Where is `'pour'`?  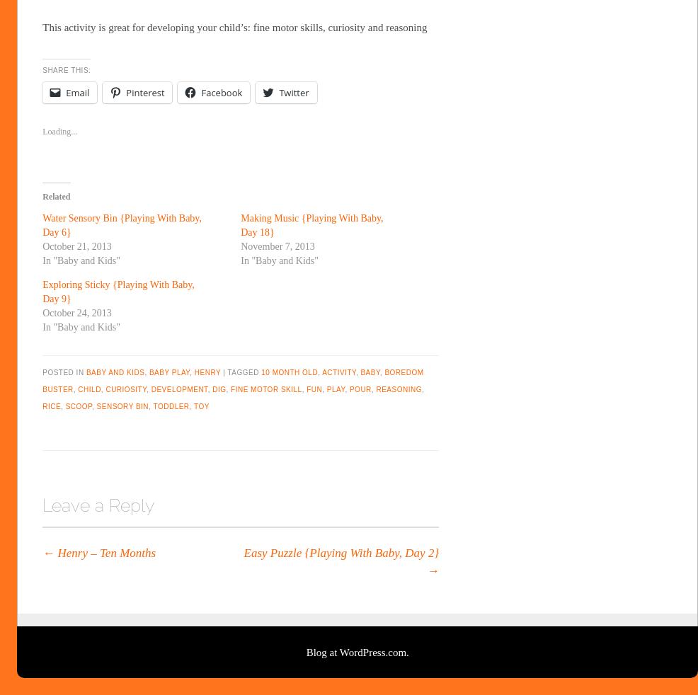
'pour' is located at coordinates (359, 389).